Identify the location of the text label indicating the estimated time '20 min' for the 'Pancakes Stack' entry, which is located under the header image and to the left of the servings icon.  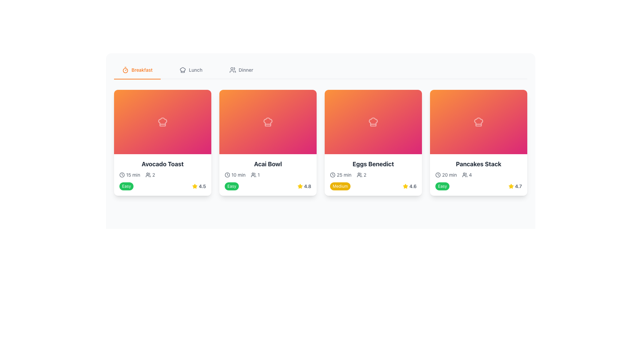
(449, 174).